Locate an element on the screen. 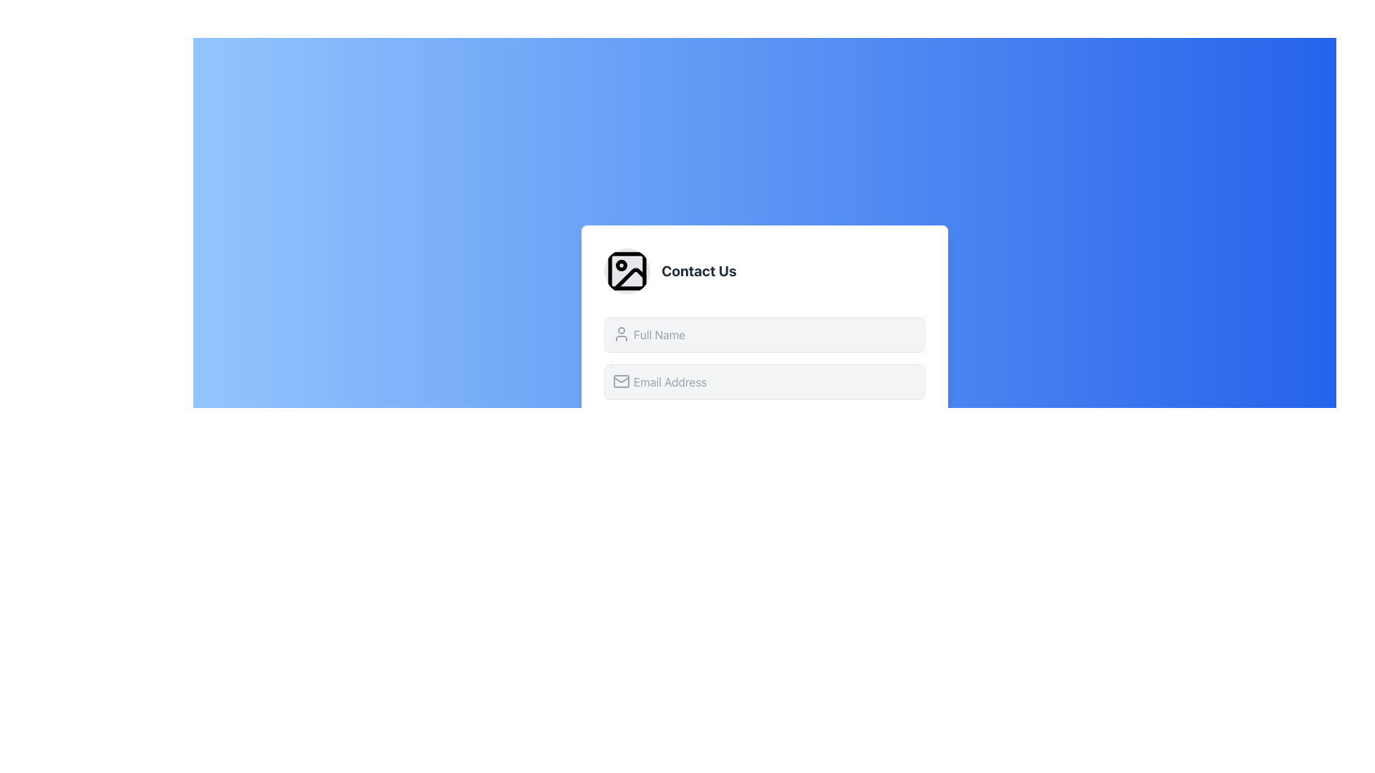  the square-shaped icon with rounded corners and a gray background that features mountain and sun or moon visuals, located to the left of the 'Contact Us' text is located at coordinates (627, 271).